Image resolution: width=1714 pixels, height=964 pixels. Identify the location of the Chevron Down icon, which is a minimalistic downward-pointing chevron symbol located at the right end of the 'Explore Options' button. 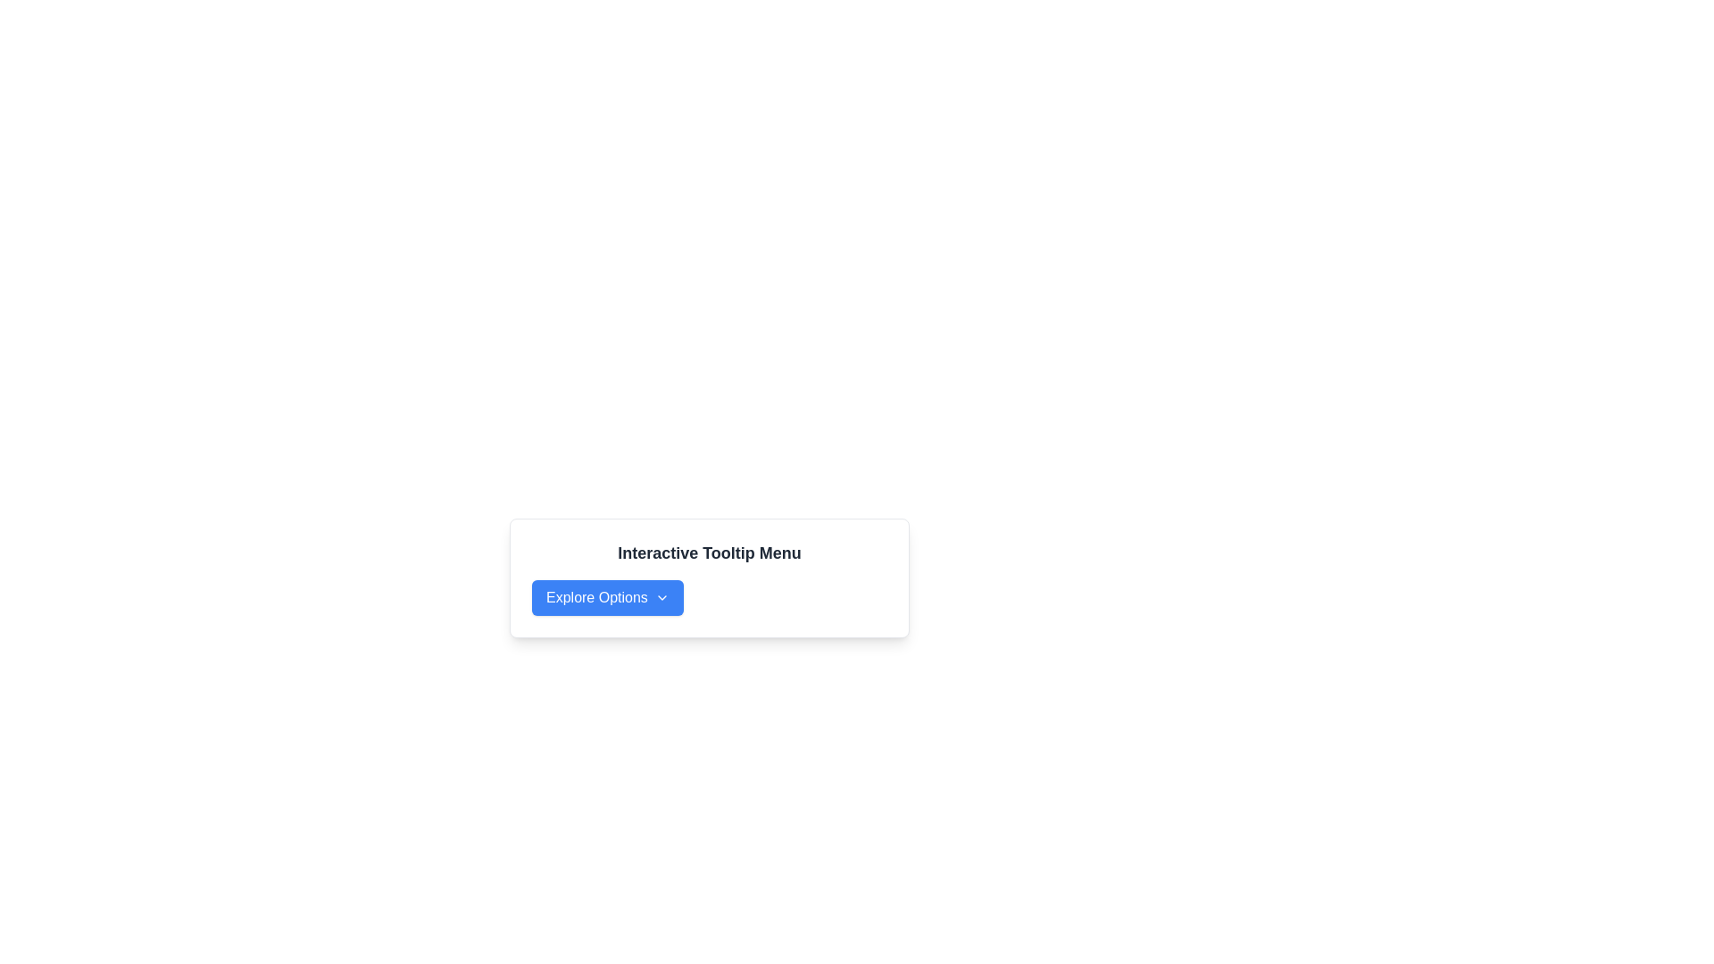
(661, 598).